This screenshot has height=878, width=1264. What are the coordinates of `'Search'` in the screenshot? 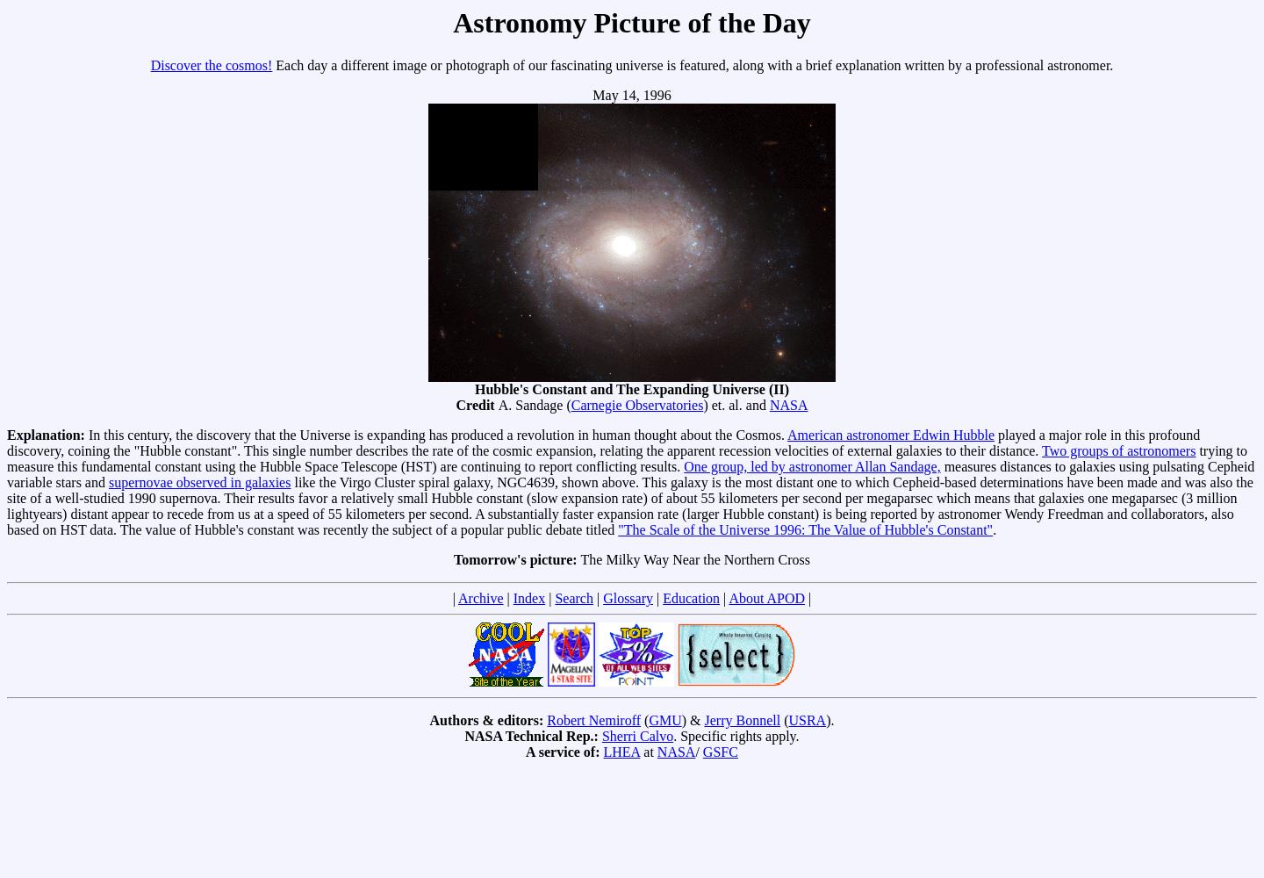 It's located at (572, 598).